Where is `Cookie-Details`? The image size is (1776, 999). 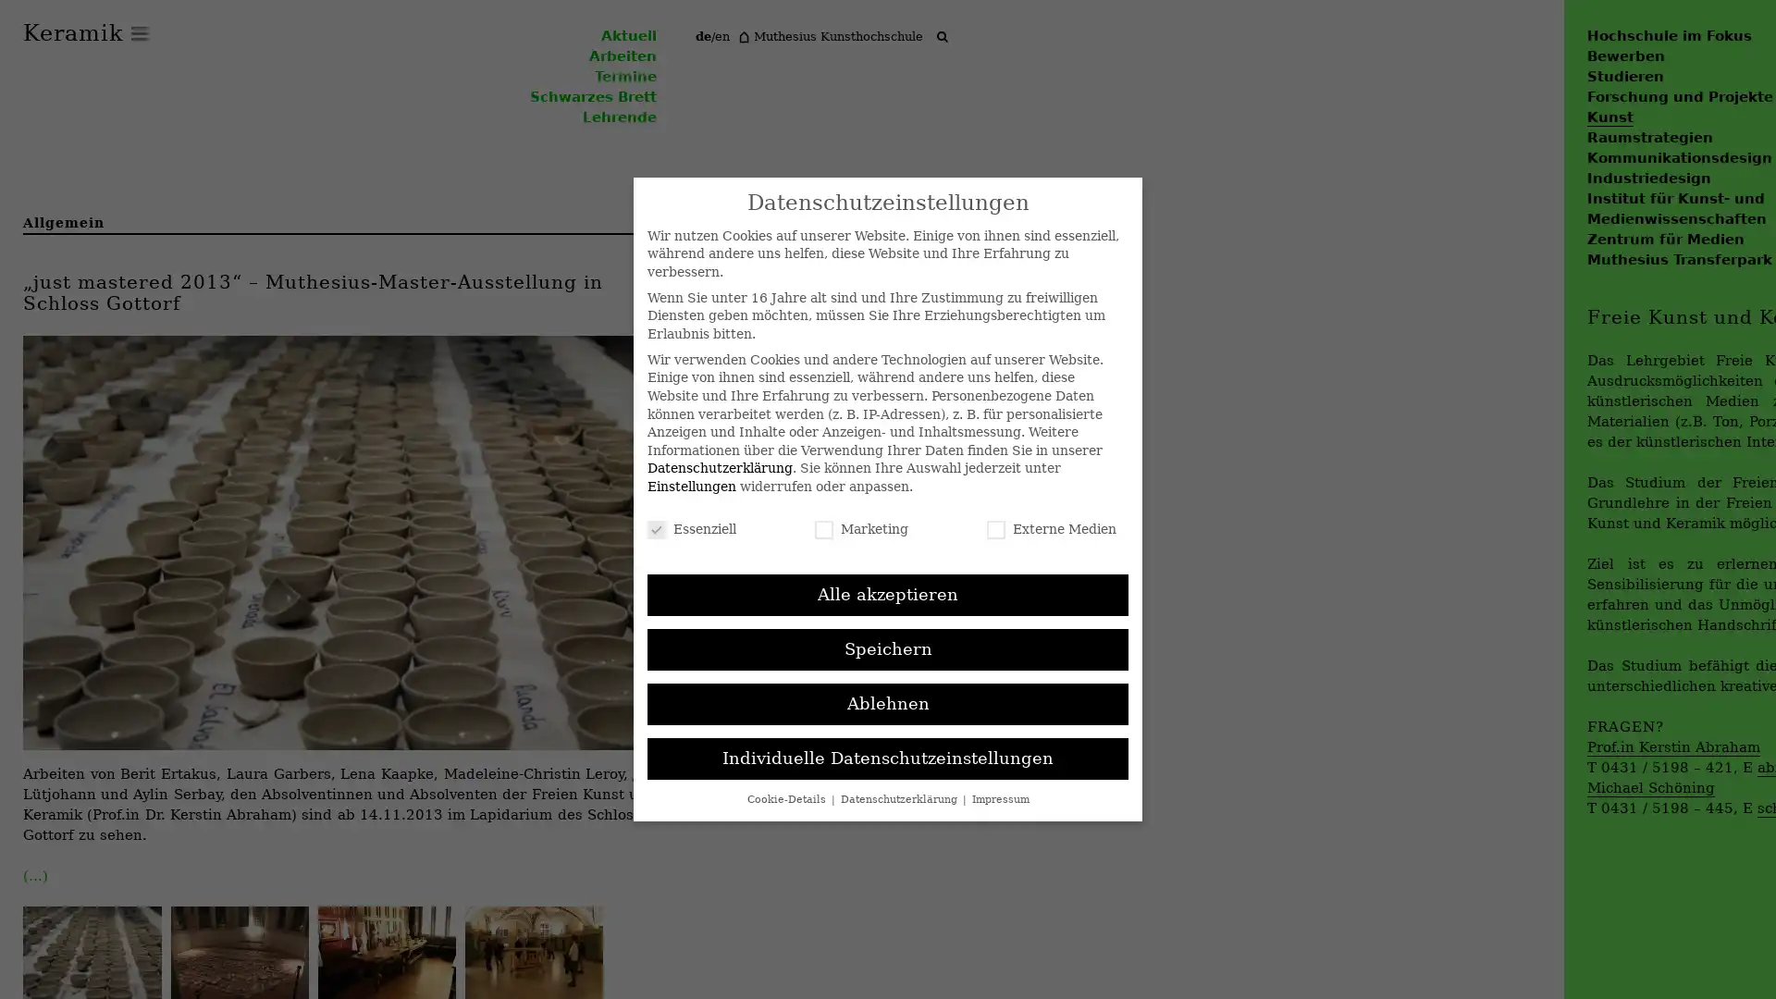 Cookie-Details is located at coordinates (787, 797).